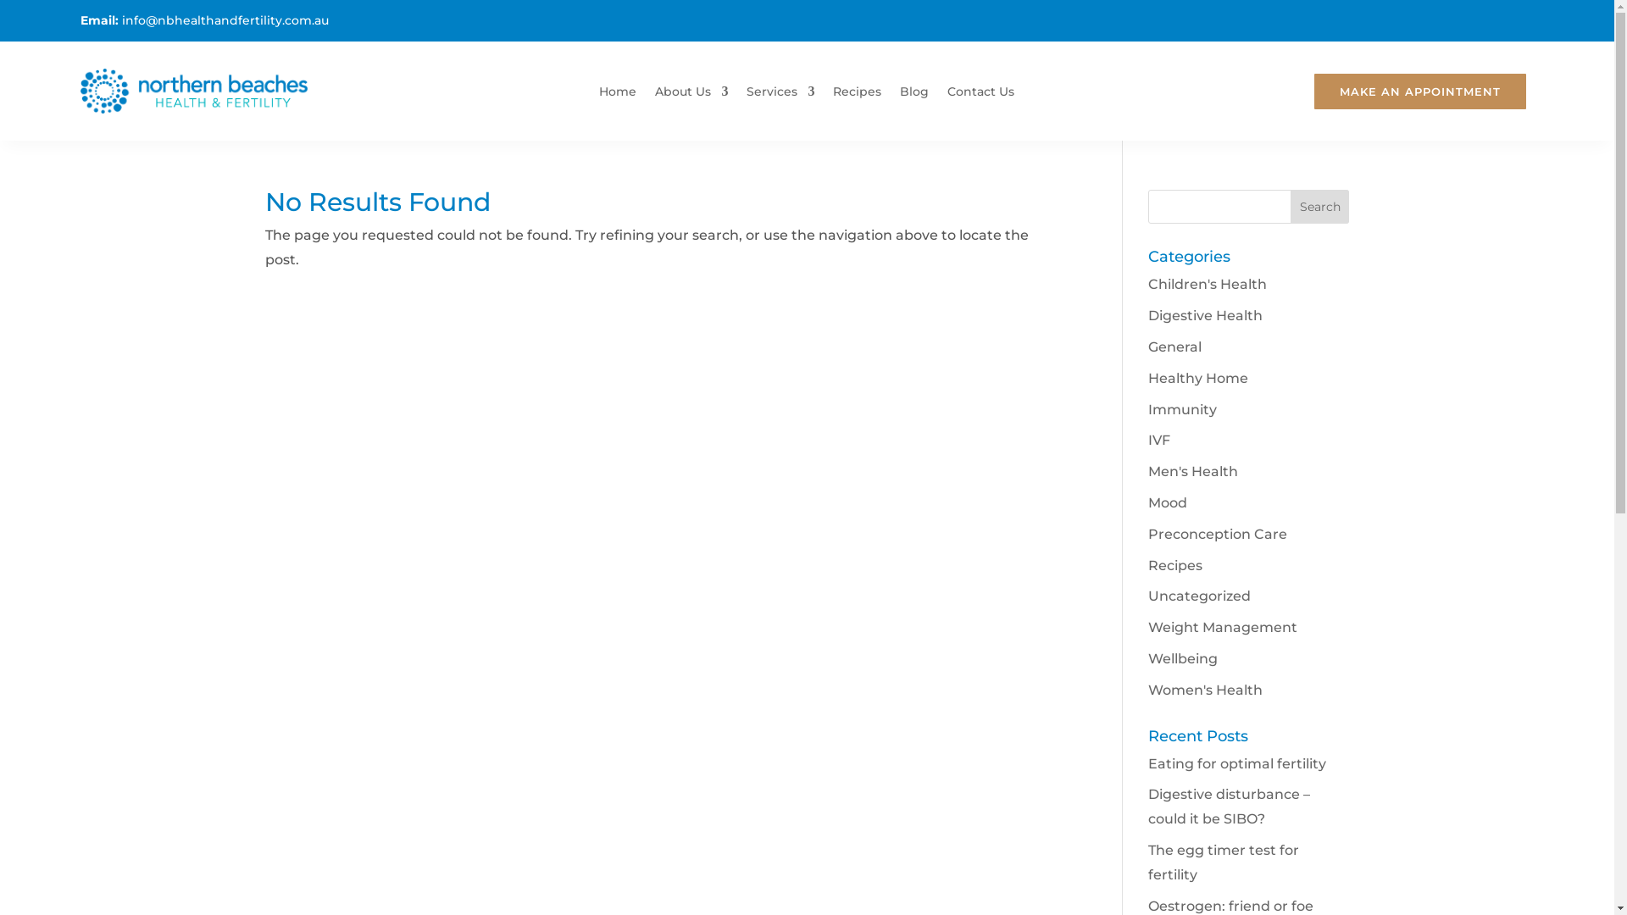  I want to click on 'Contact Us', so click(980, 94).